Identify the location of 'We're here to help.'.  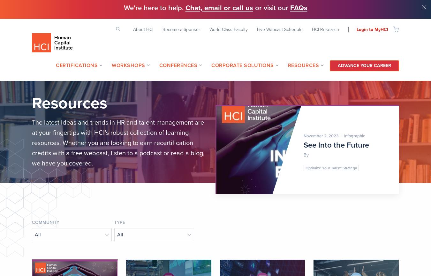
(154, 8).